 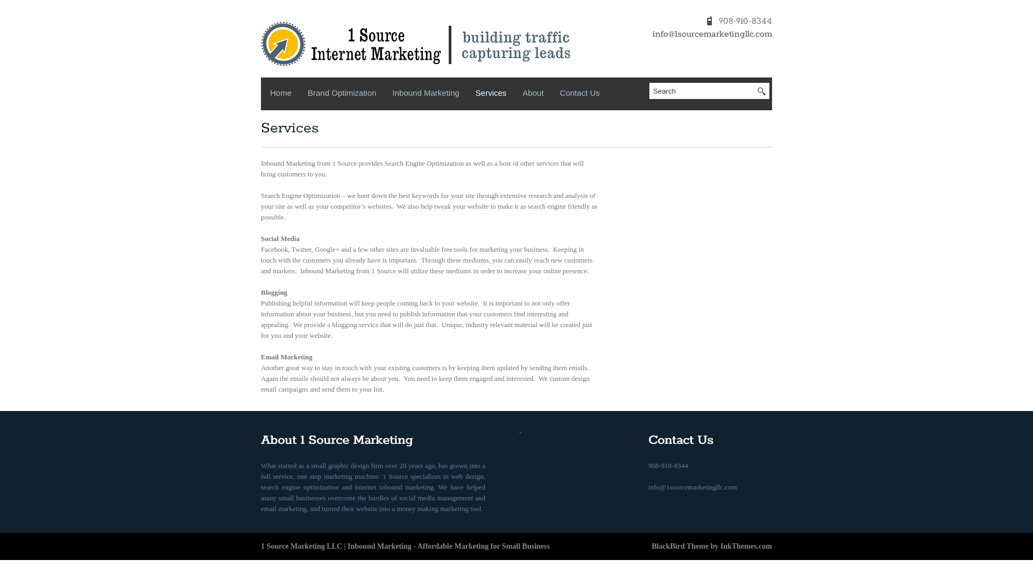 What do you see at coordinates (426, 95) in the screenshot?
I see `'Inbound Marketing'` at bounding box center [426, 95].